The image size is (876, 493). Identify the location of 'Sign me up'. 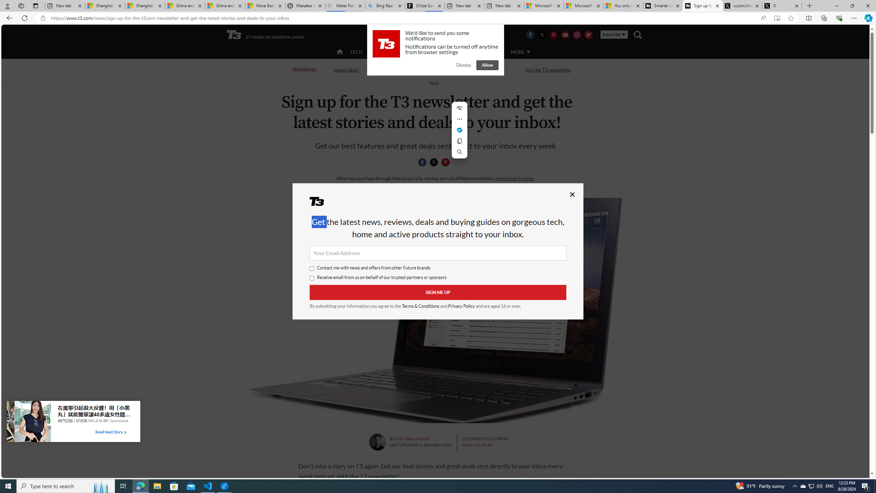
(438, 292).